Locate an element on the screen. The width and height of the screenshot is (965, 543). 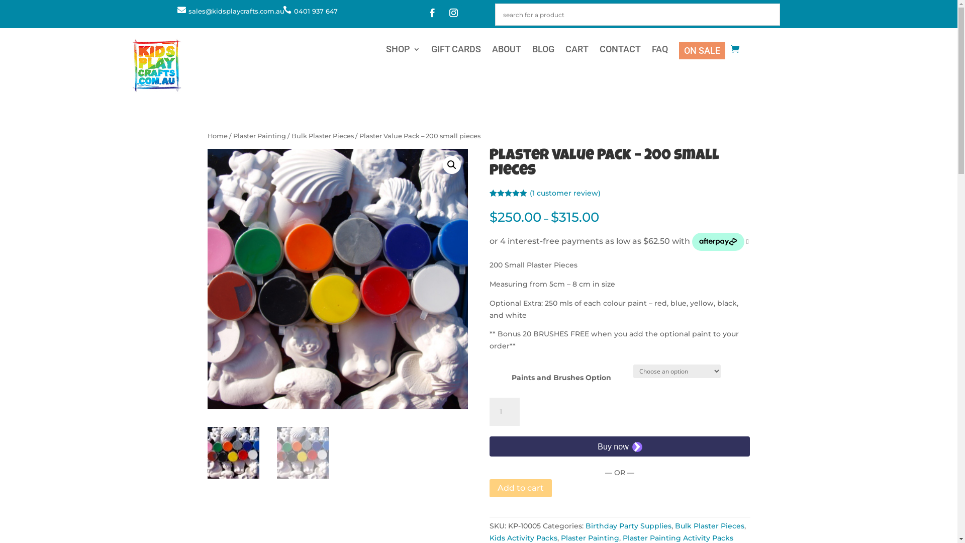
'Secure payment button frame' is located at coordinates (619, 445).